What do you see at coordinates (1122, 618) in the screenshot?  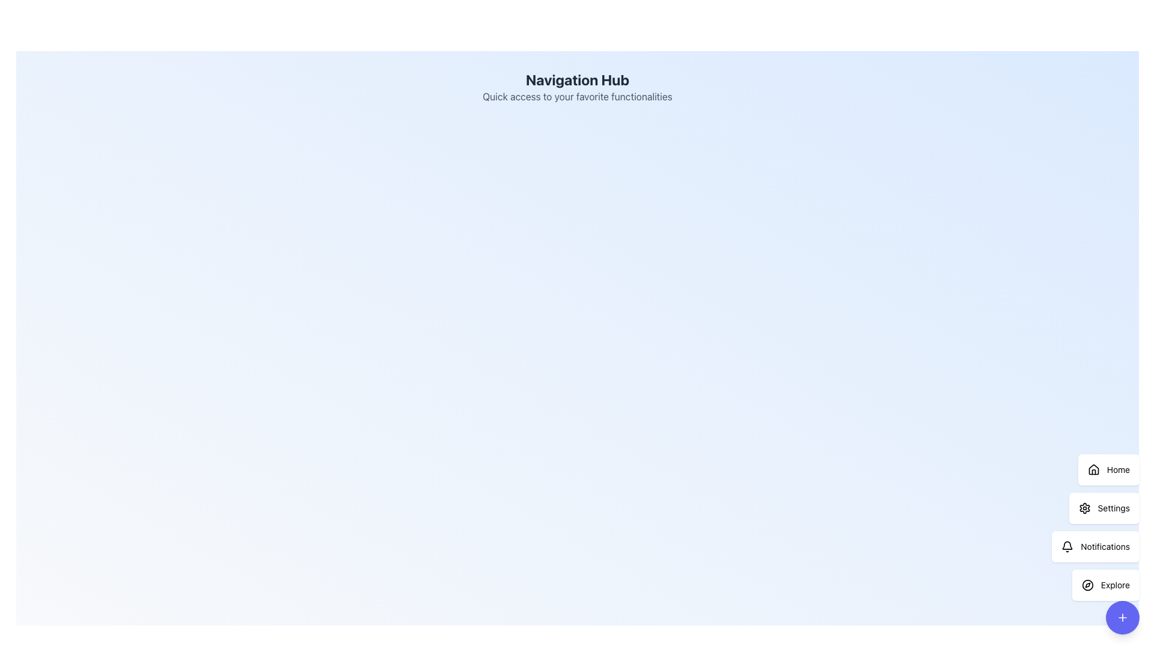 I see `the compact action trigger button with a plus symbol located at the bottom of the vertical stack of buttons labeled 'Home,' 'Settings,' 'Notifications,' and 'Explore.'` at bounding box center [1122, 618].